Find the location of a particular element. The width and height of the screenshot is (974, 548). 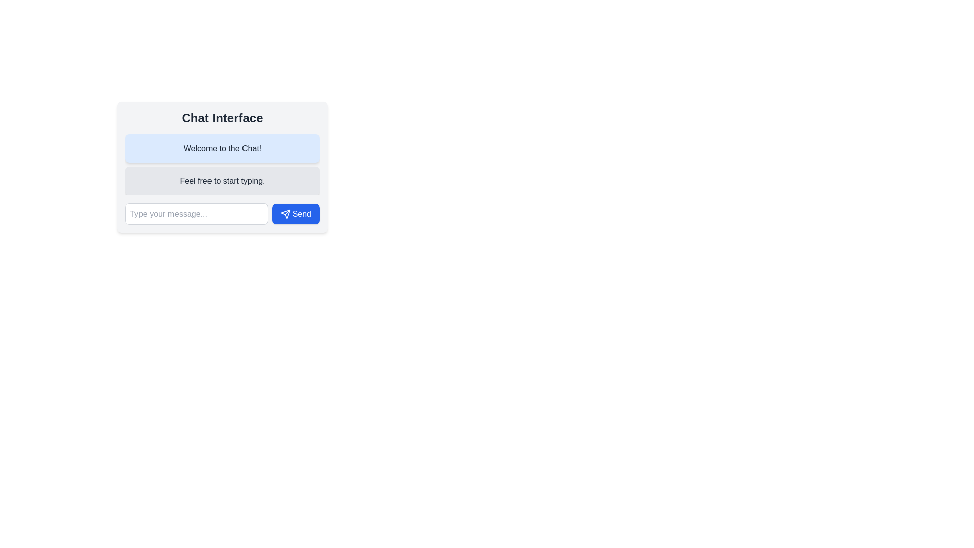

the static text header or label that serves as the title for the chat interface section, located at the top of the panel is located at coordinates (222, 117).